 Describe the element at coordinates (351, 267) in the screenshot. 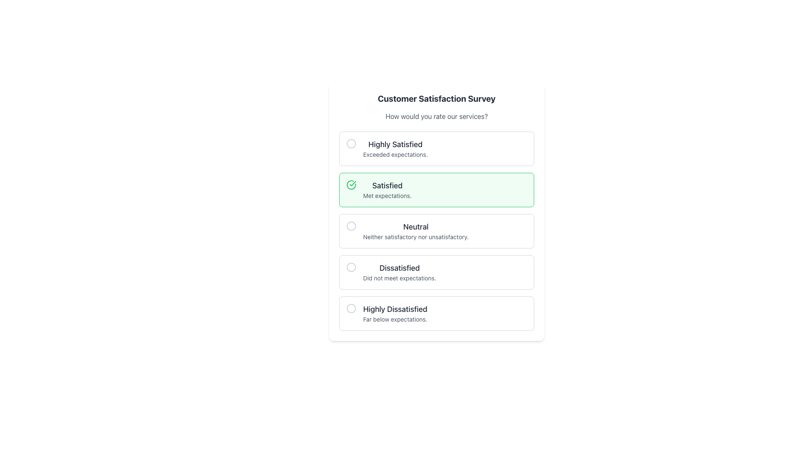

I see `the 'Dissatisfied' rating icon` at that location.